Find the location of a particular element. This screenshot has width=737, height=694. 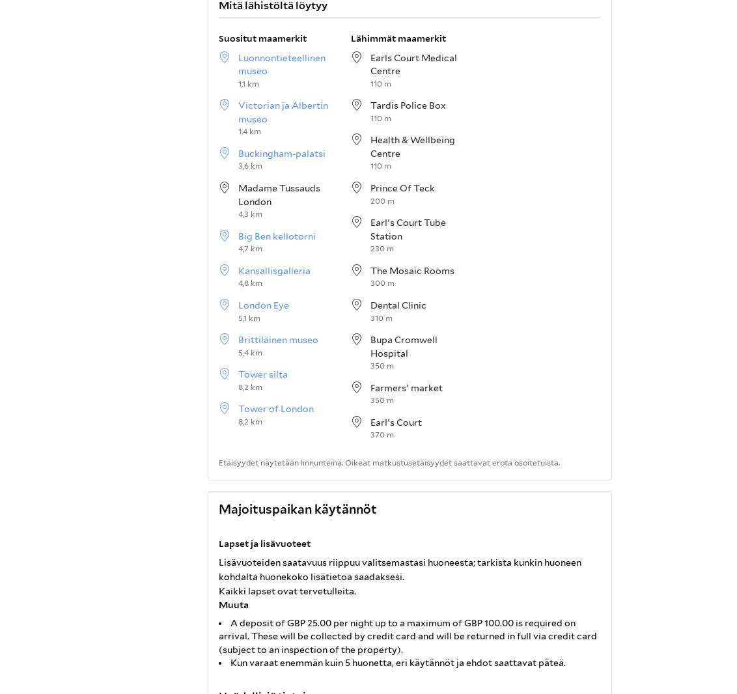

'370 m' is located at coordinates (382, 434).